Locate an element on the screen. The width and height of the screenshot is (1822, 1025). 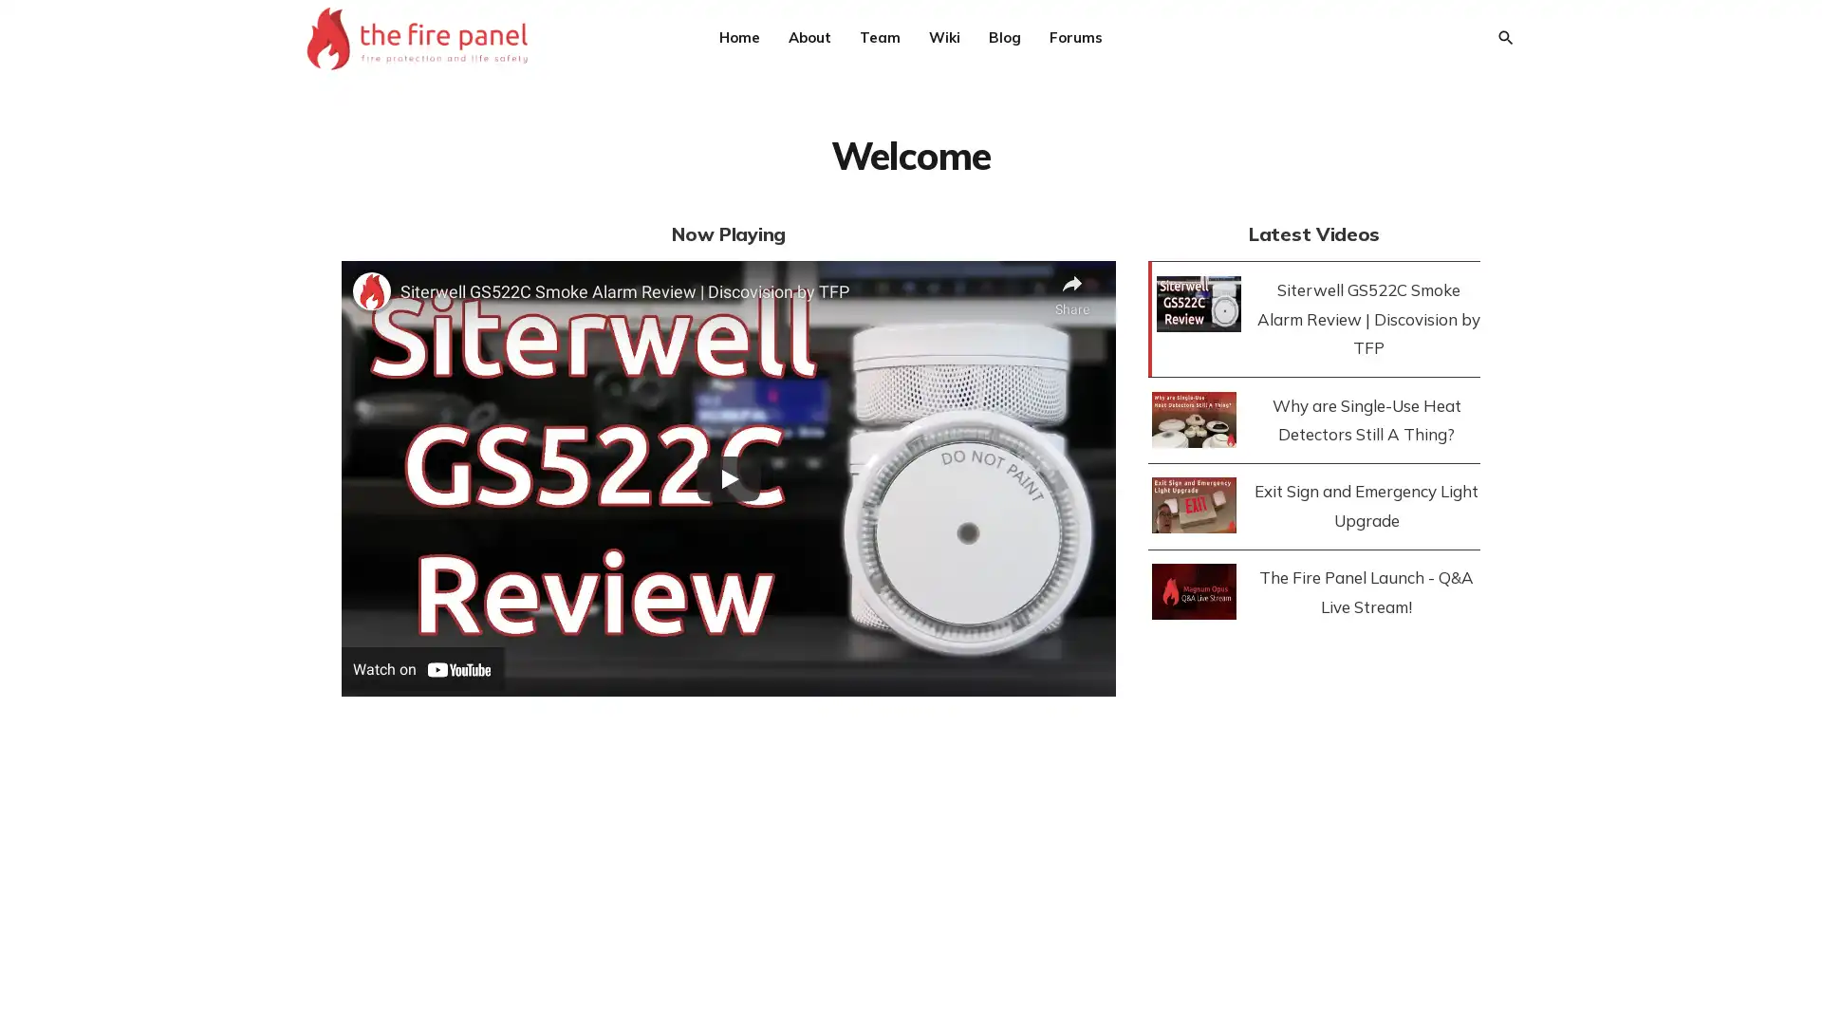
Search is located at coordinates (1503, 37).